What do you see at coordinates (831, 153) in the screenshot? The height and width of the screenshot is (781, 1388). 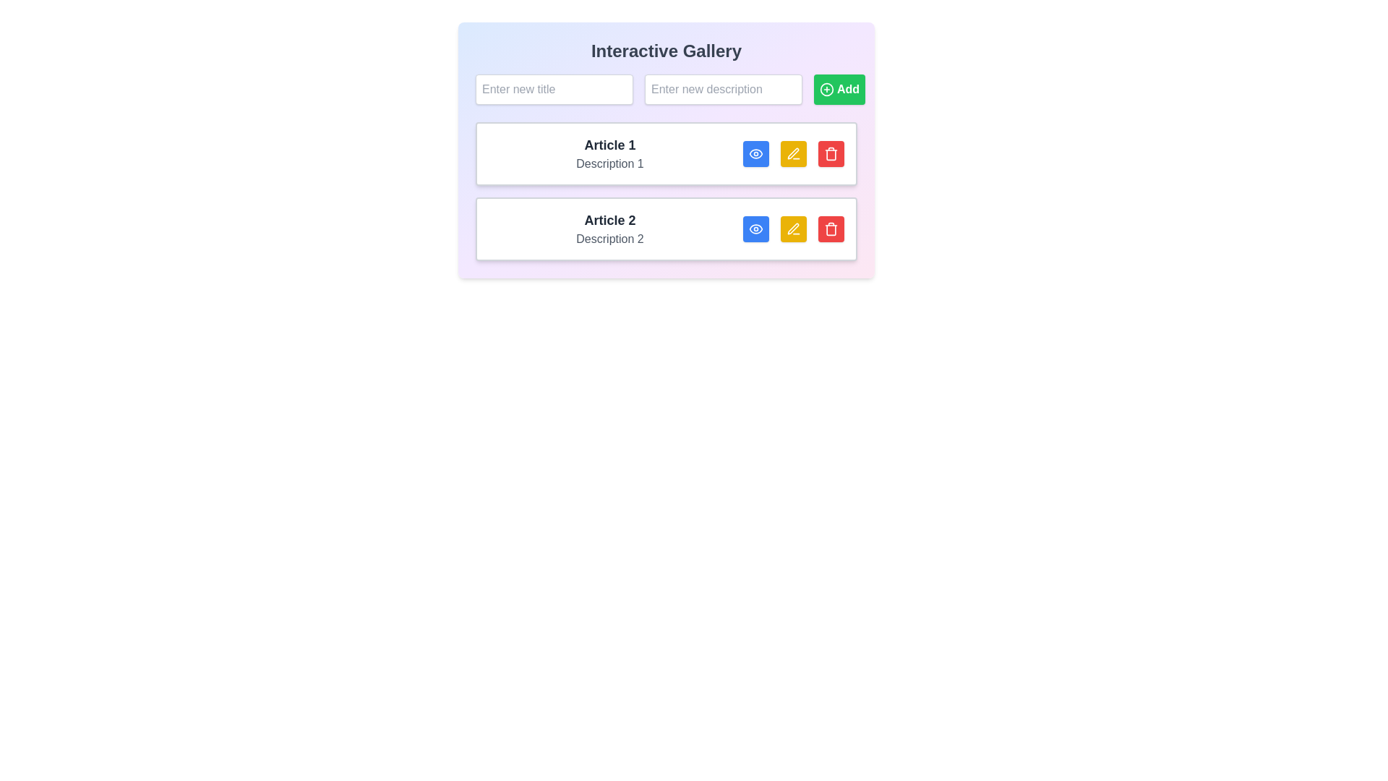 I see `the button with a trash icon styled as a red bin located in the interactive gallery interface, specifically the rightmost control in the row labeled 'Article 1'` at bounding box center [831, 153].